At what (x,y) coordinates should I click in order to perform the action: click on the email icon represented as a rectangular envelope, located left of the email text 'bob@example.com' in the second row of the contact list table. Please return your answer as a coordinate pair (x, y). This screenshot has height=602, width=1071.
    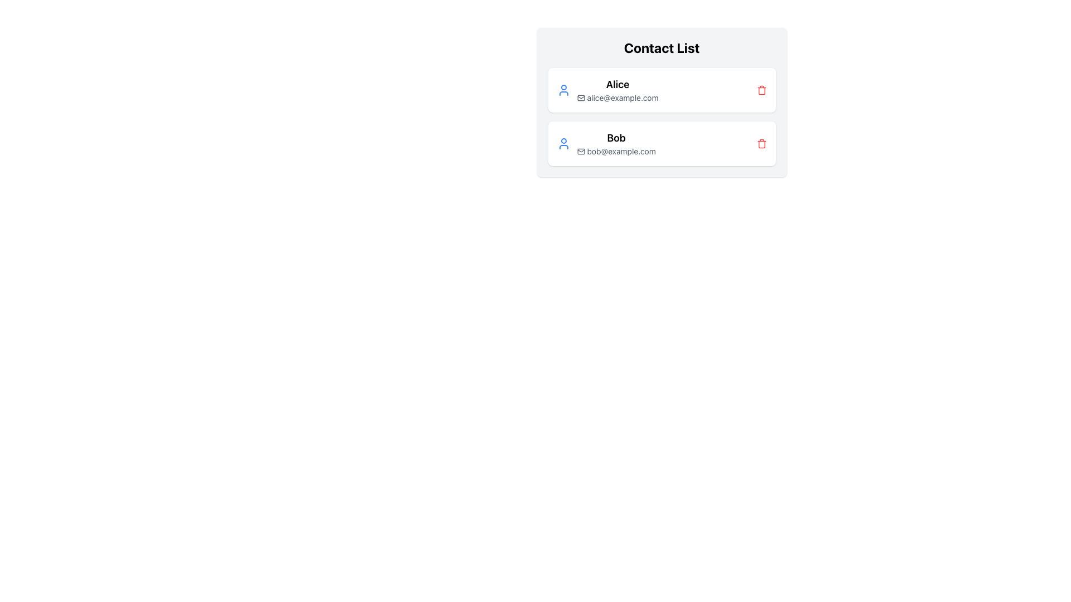
    Looking at the image, I should click on (580, 152).